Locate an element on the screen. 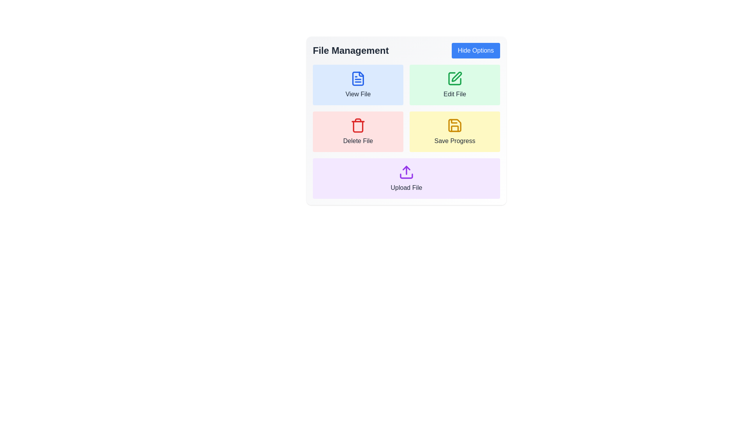  the 'Save Progress' button which contains the save action icon, located in the second row, second column of the grid in the 'File Management' section is located at coordinates (455, 125).